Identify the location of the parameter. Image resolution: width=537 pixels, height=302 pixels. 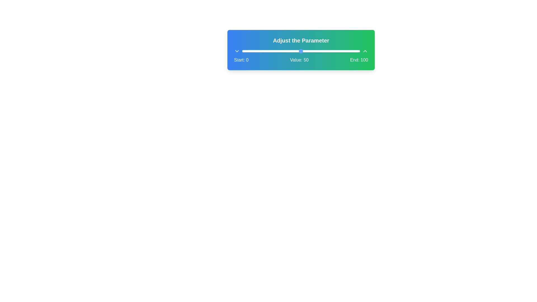
(258, 51).